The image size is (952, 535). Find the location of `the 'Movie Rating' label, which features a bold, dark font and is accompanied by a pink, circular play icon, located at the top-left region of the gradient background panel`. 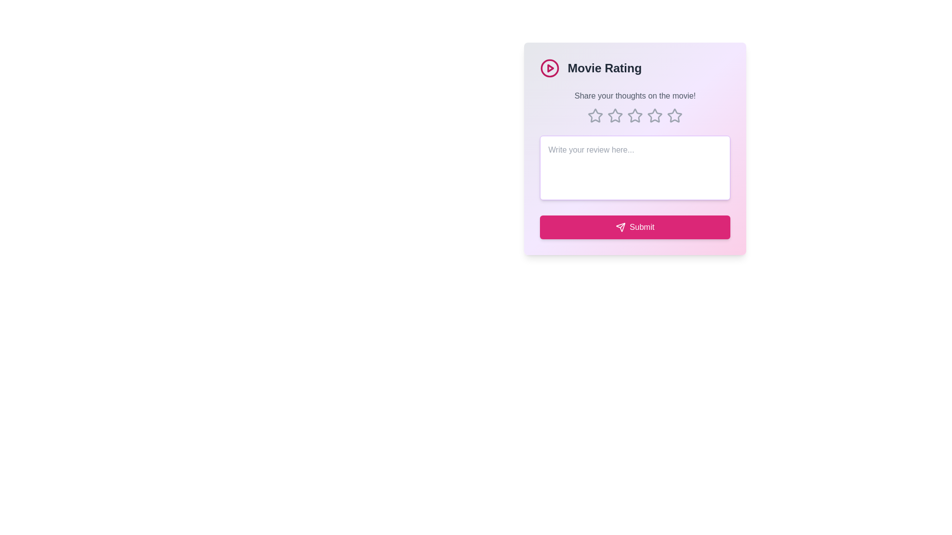

the 'Movie Rating' label, which features a bold, dark font and is accompanied by a pink, circular play icon, located at the top-left region of the gradient background panel is located at coordinates (635, 68).